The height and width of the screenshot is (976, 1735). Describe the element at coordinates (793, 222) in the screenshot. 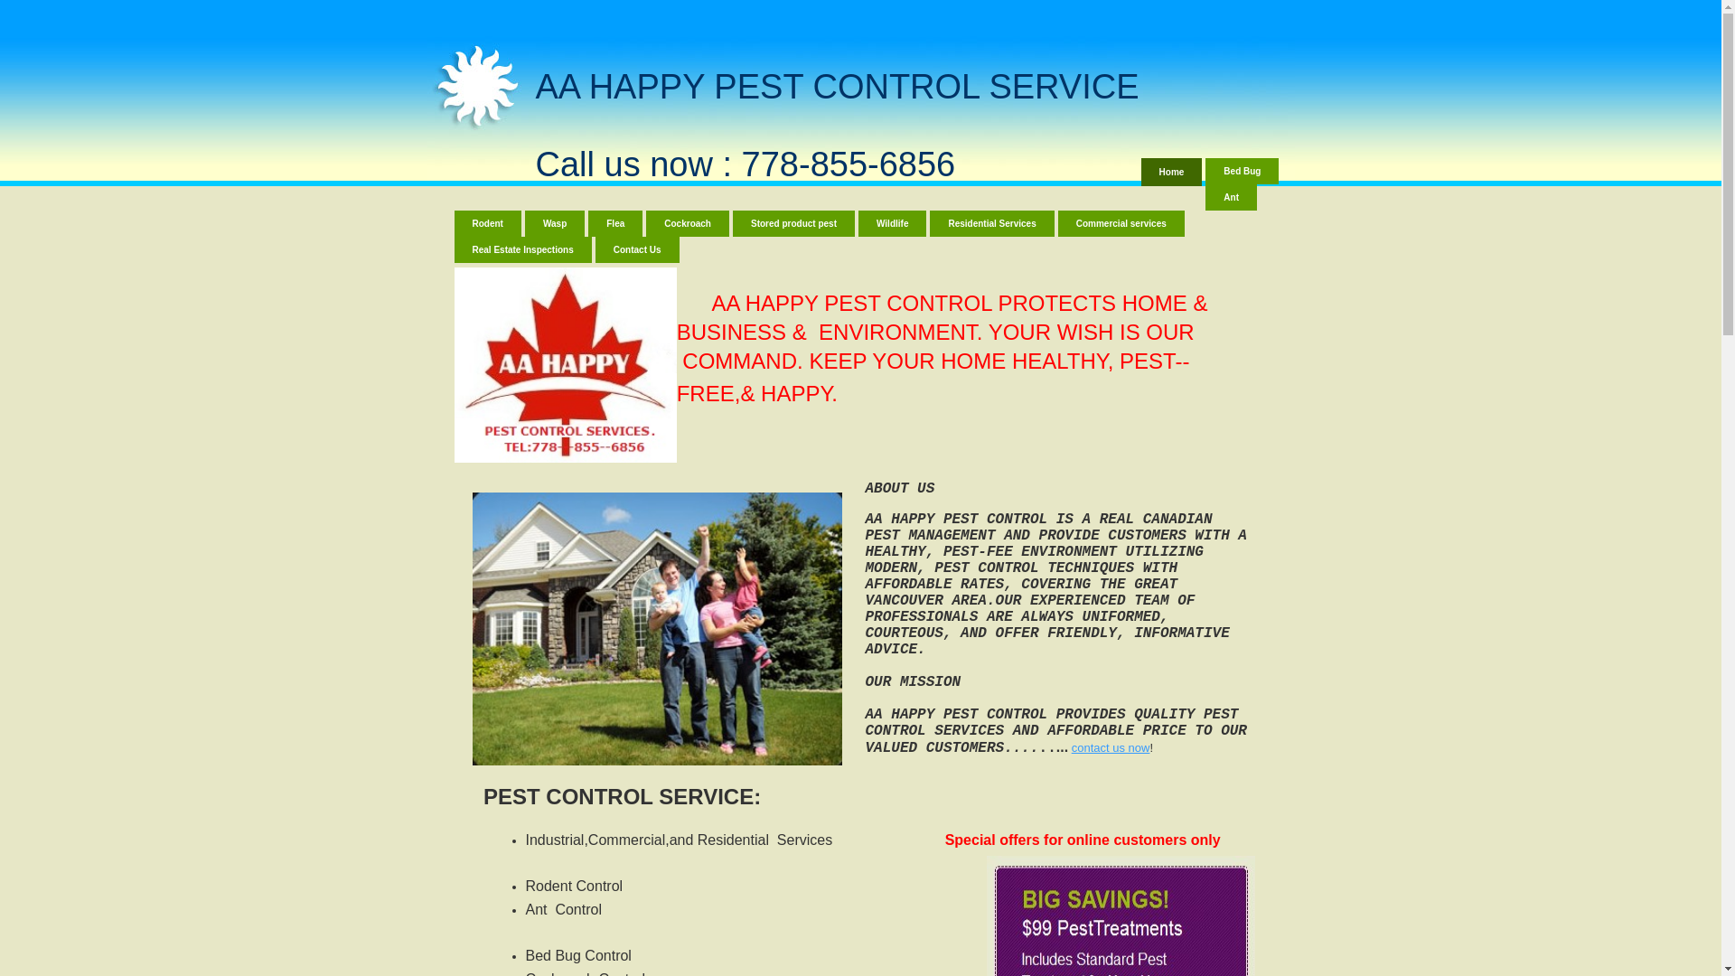

I see `'Stored product pest'` at that location.